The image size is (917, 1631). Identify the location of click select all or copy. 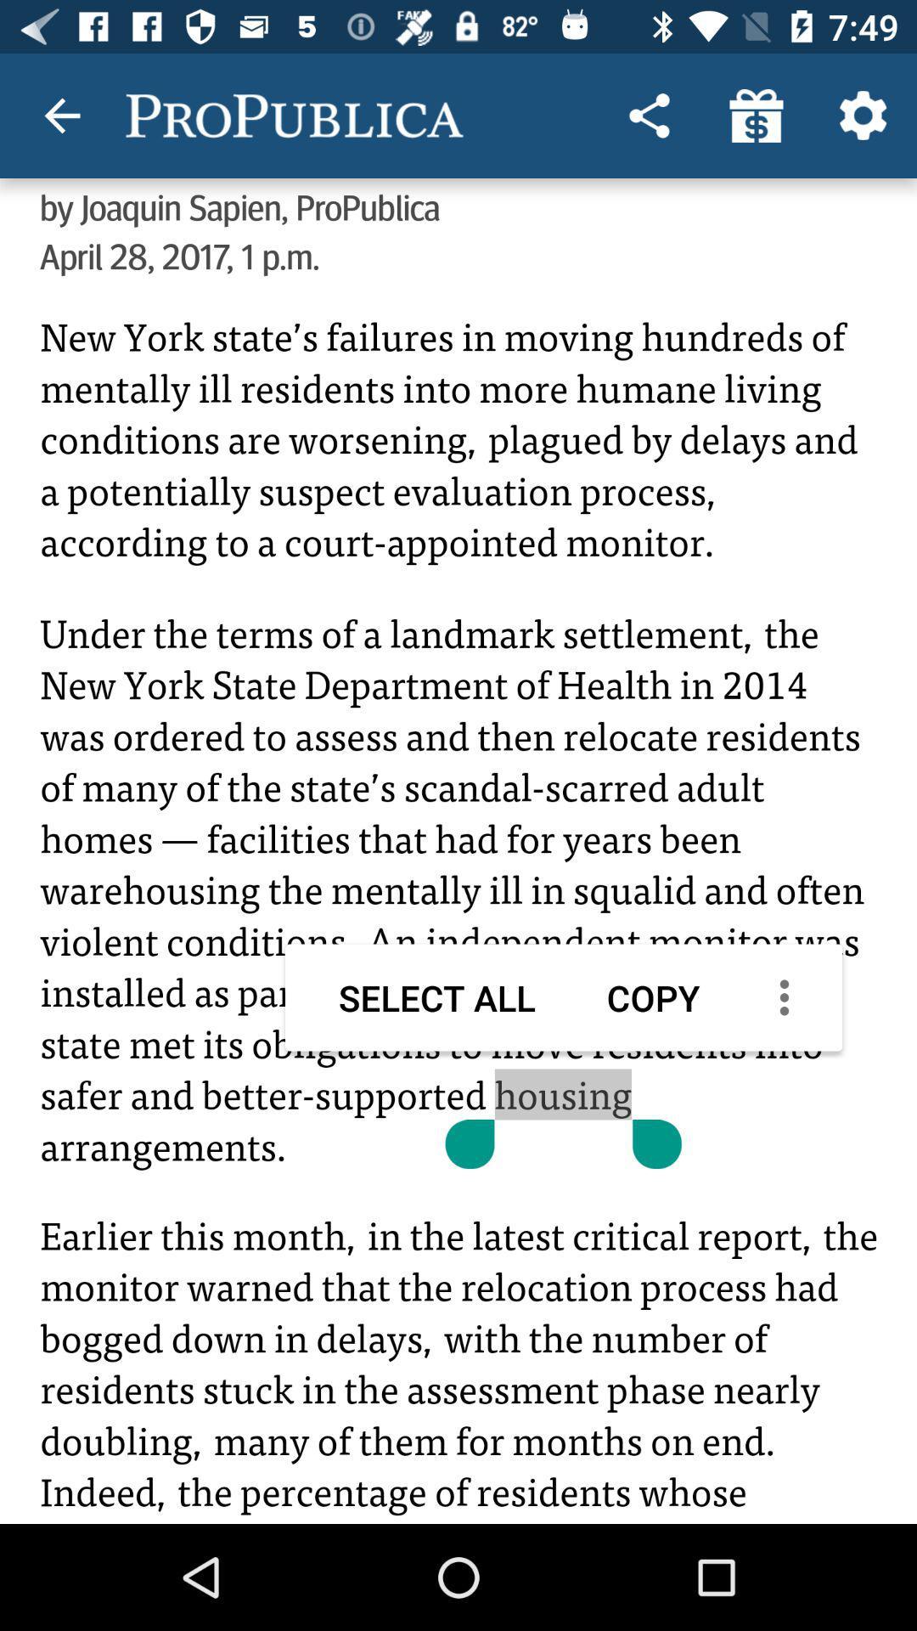
(458, 900).